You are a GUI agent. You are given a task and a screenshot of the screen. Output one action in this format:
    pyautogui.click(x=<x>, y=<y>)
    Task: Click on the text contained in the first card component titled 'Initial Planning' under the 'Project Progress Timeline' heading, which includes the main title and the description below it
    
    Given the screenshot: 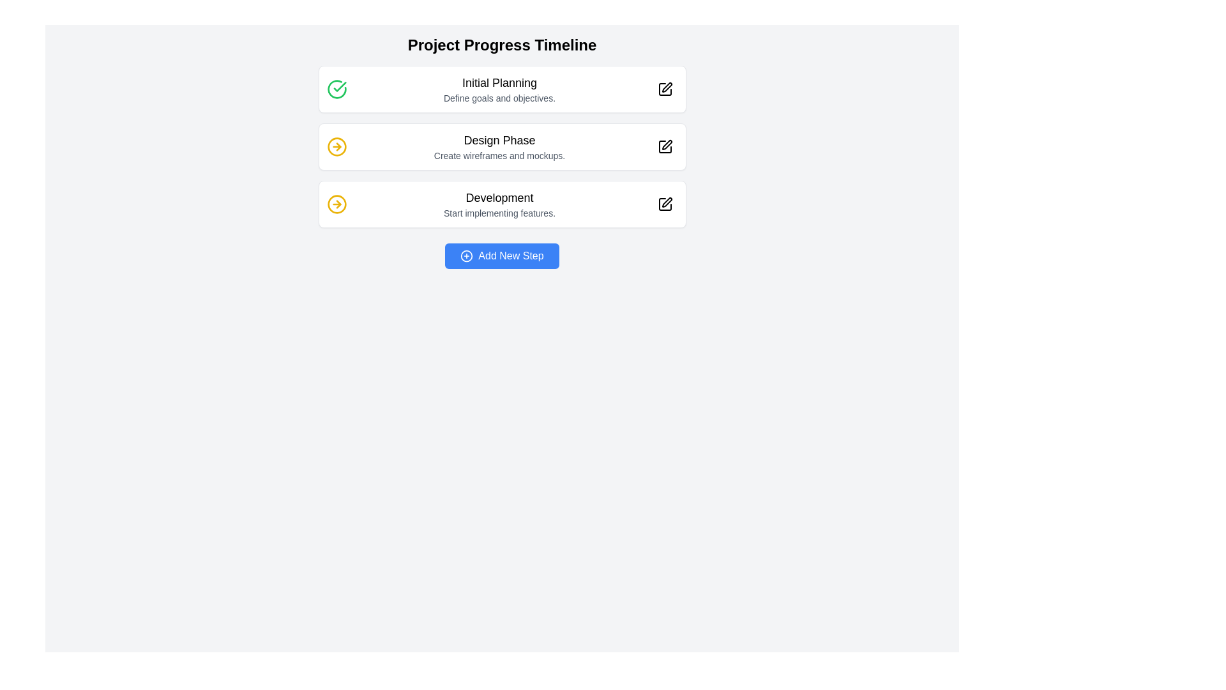 What is the action you would take?
    pyautogui.click(x=501, y=88)
    